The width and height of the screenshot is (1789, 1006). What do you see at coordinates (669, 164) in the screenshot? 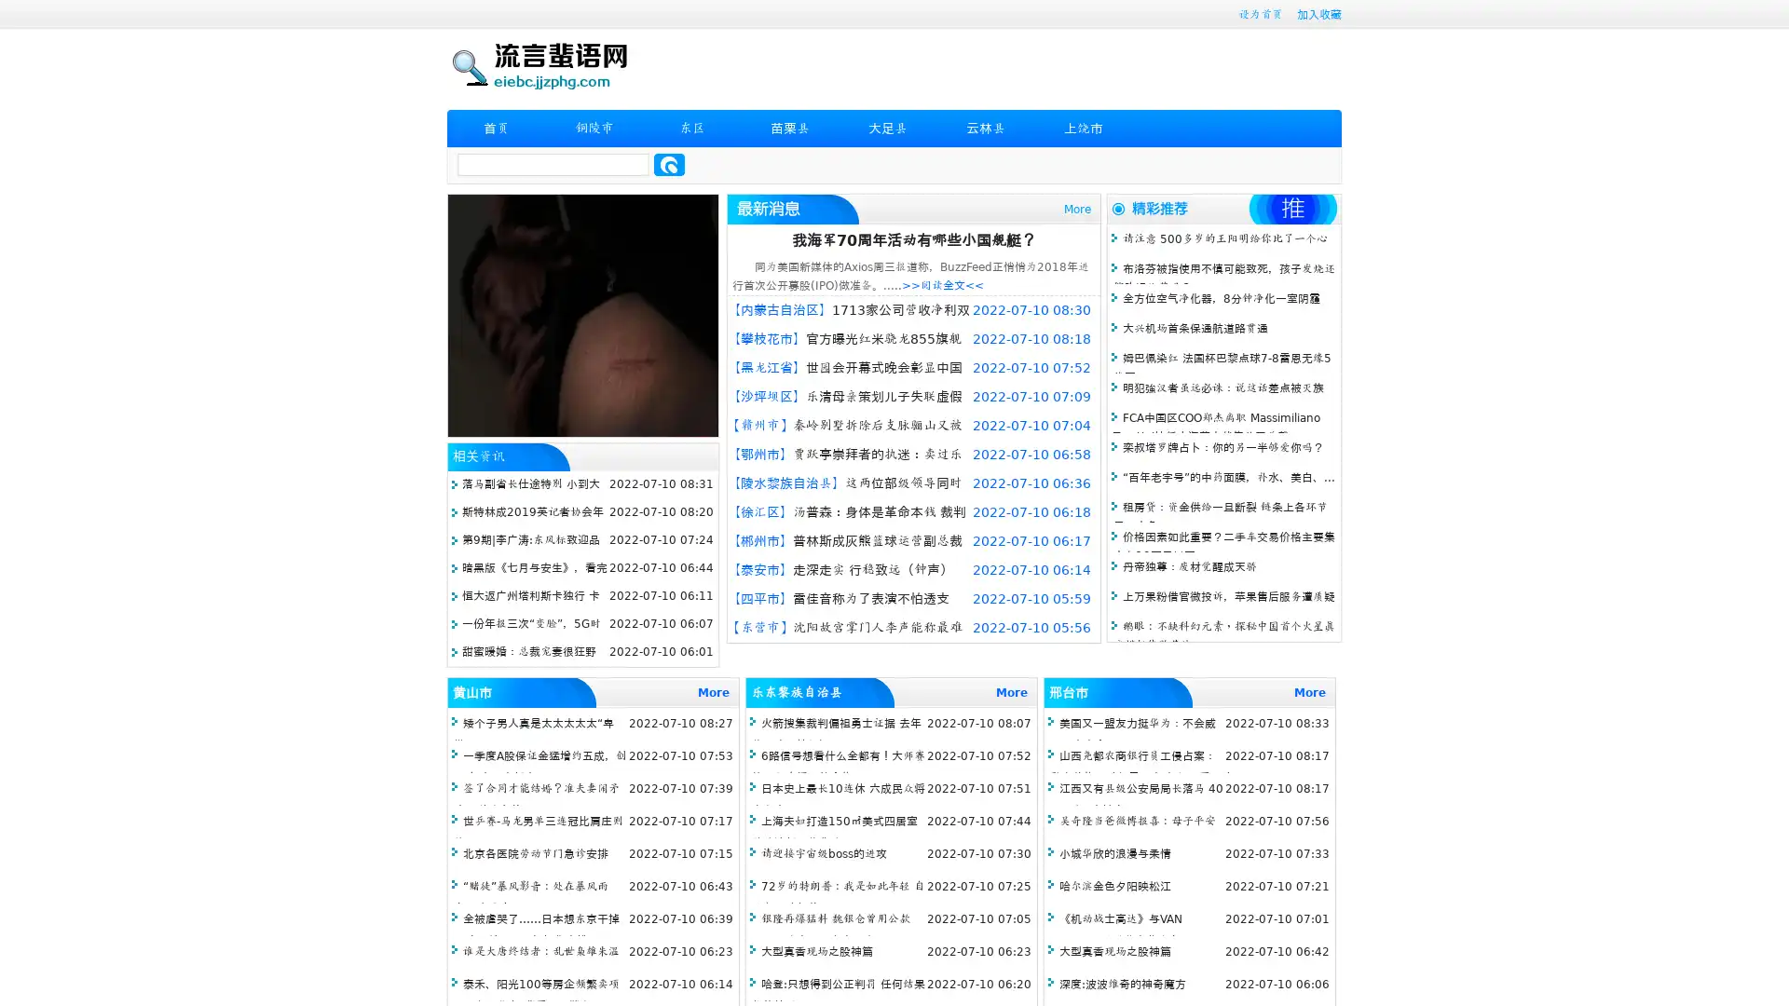
I see `Search` at bounding box center [669, 164].